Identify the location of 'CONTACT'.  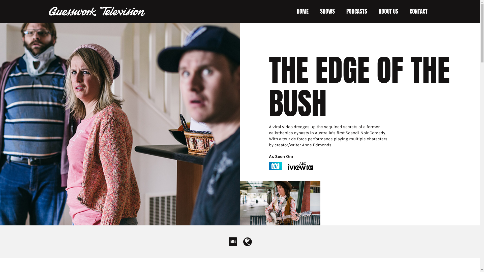
(418, 11).